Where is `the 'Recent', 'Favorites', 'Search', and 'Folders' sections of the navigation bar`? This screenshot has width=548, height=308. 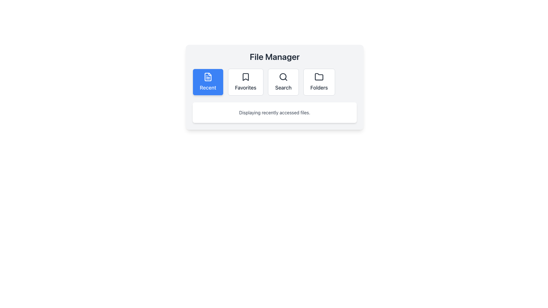
the 'Recent', 'Favorites', 'Search', and 'Folders' sections of the navigation bar is located at coordinates (275, 82).